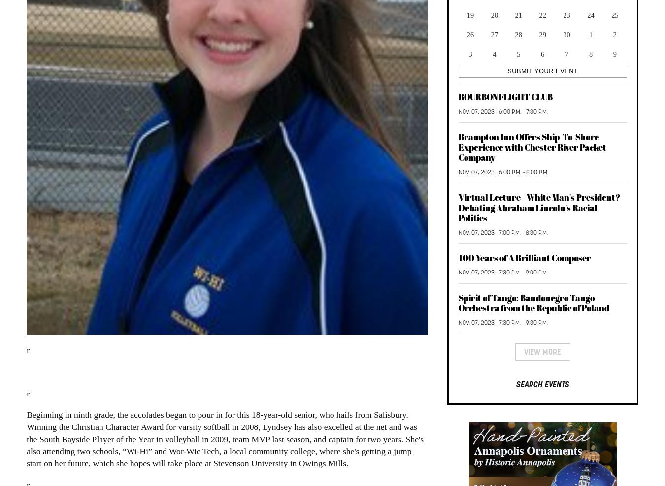 This screenshot has height=486, width=665. Describe the element at coordinates (540, 53) in the screenshot. I see `'6'` at that location.